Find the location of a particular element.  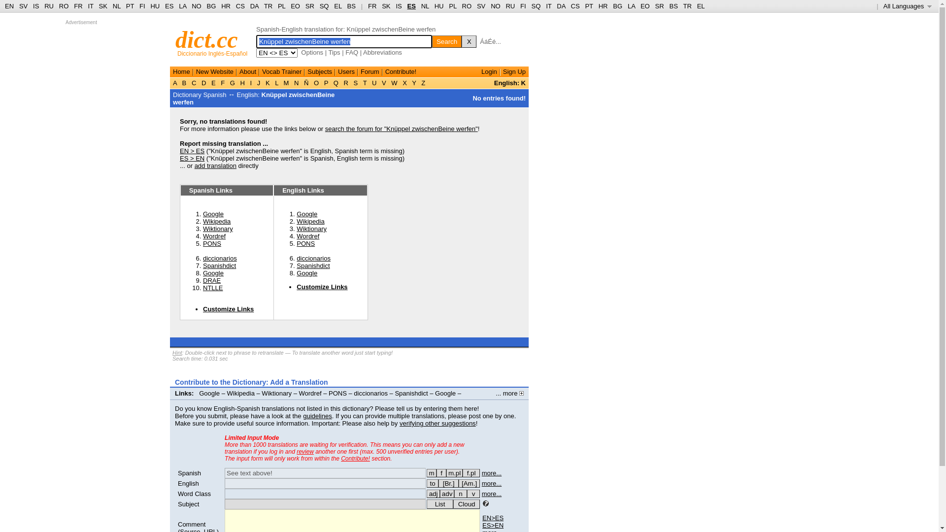

'FI' is located at coordinates (522, 6).